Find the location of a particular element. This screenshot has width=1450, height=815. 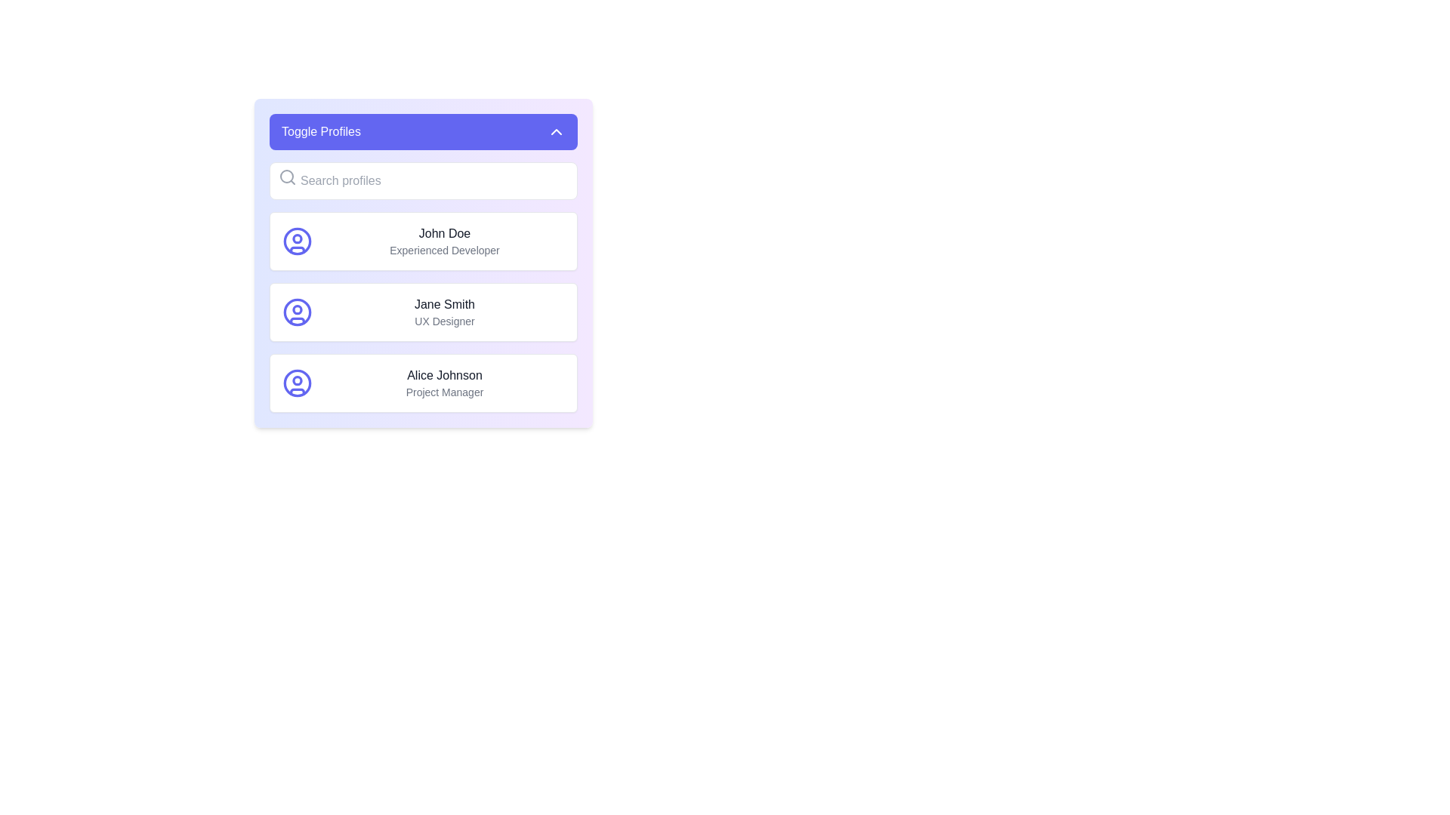

the graphical circular representation styled in blue stroke color that represents the user avatar for 'Jane Smith, UX Designer' in the profile list is located at coordinates (297, 311).